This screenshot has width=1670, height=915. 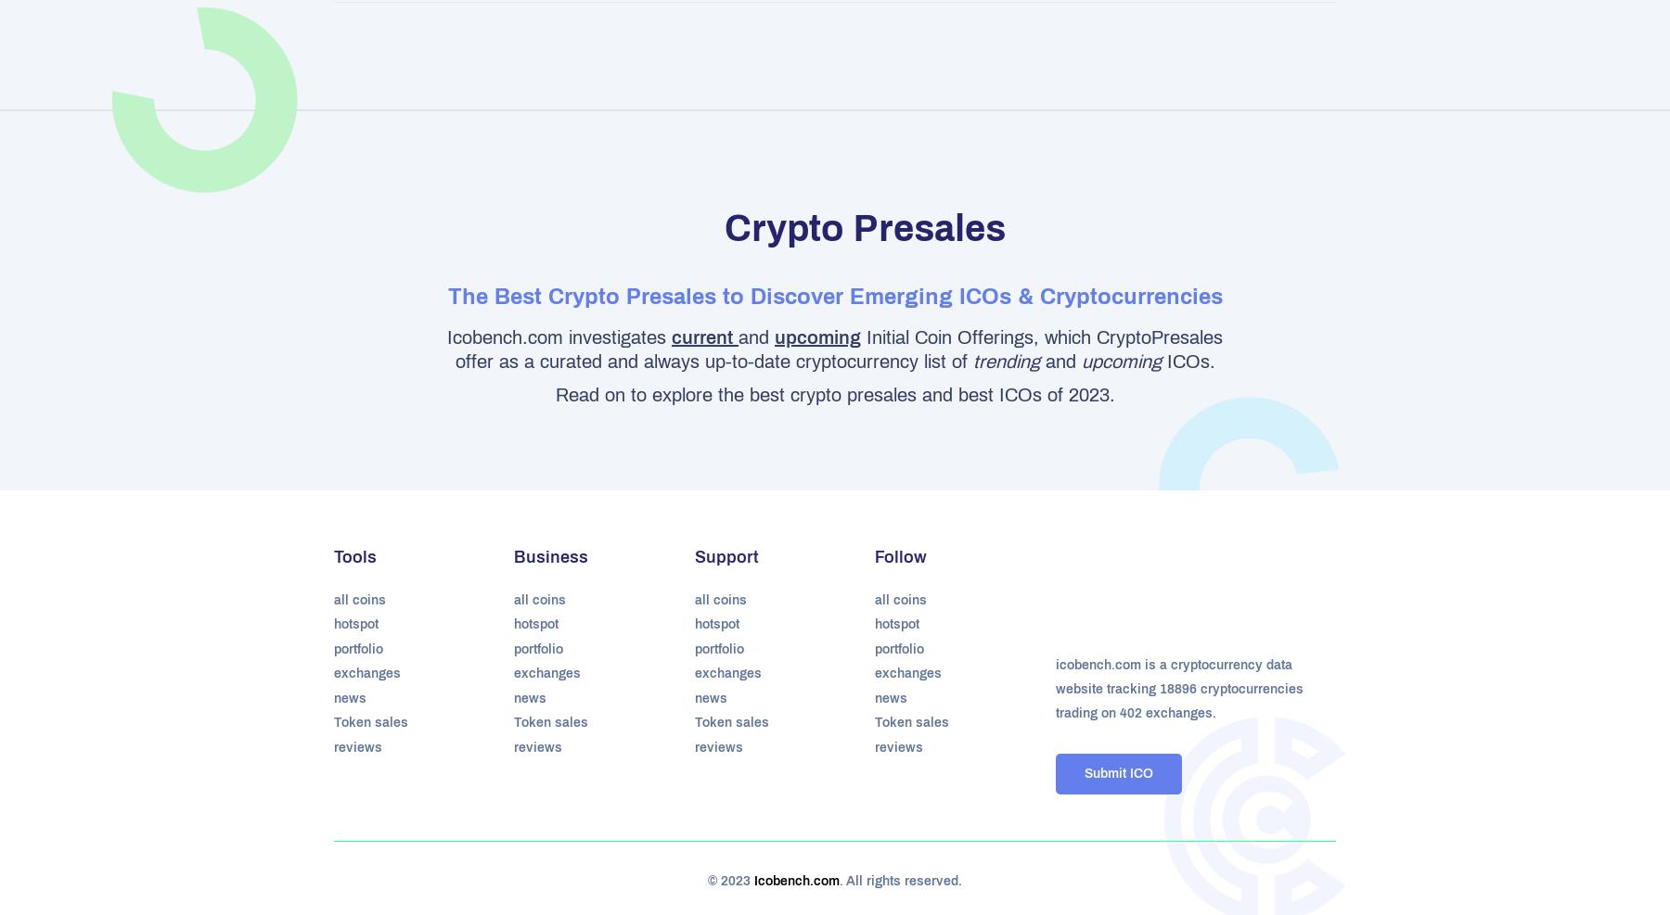 I want to click on 'Initial Coin Offerings, which CryptoPresales offer as a curated and always up-to-date cryptocurrency list of', so click(x=837, y=349).